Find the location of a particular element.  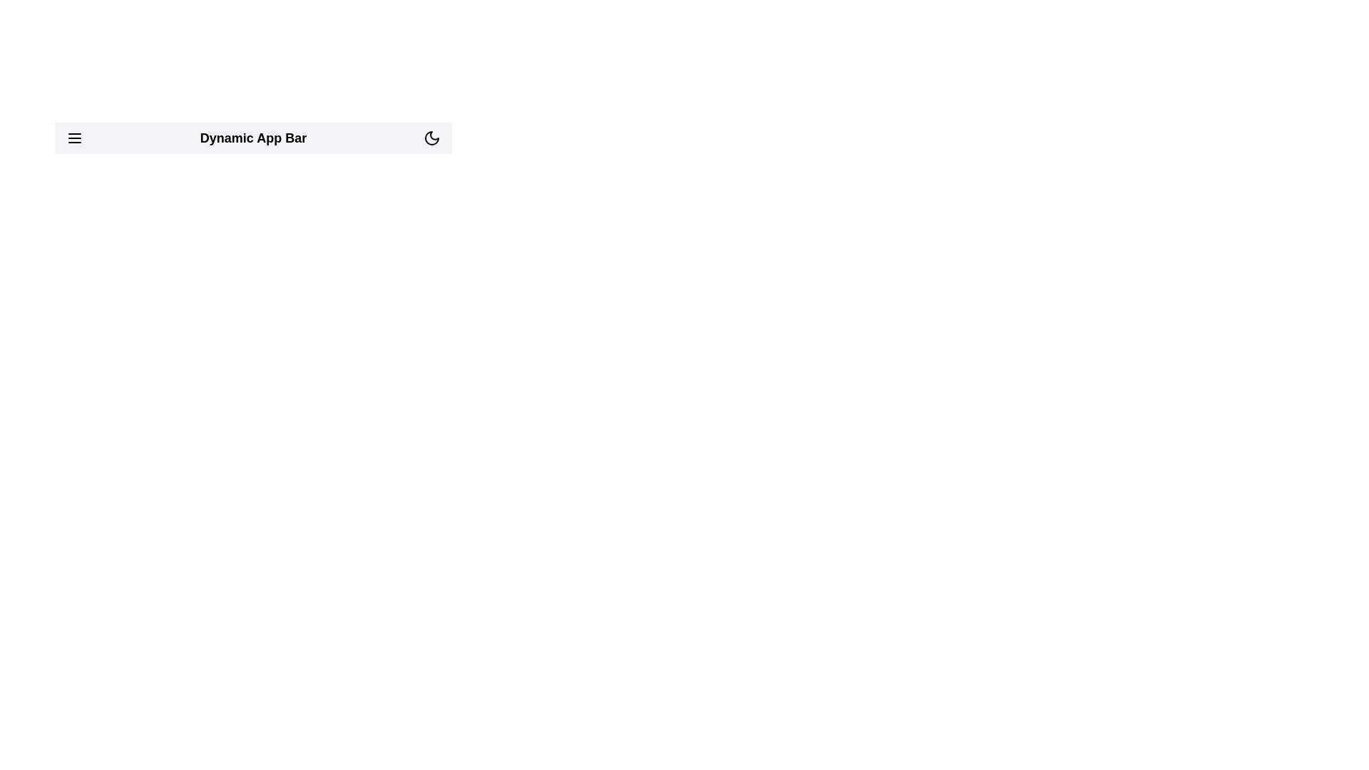

the toggle button to switch between dark and light mode is located at coordinates (431, 138).